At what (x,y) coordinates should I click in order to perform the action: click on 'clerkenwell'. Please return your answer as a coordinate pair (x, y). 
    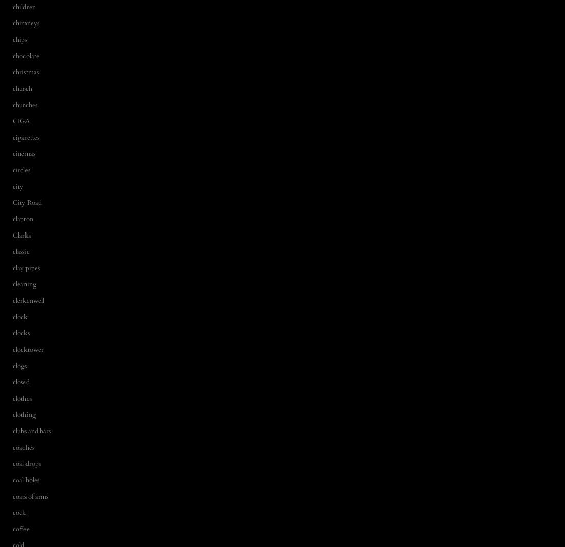
    Looking at the image, I should click on (28, 300).